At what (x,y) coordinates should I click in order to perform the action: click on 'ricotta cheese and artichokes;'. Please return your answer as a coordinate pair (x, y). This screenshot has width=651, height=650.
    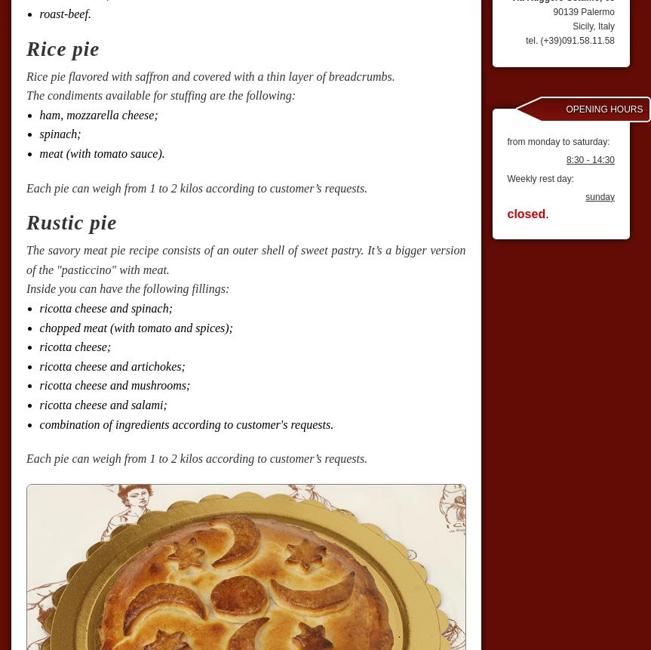
    Looking at the image, I should click on (111, 365).